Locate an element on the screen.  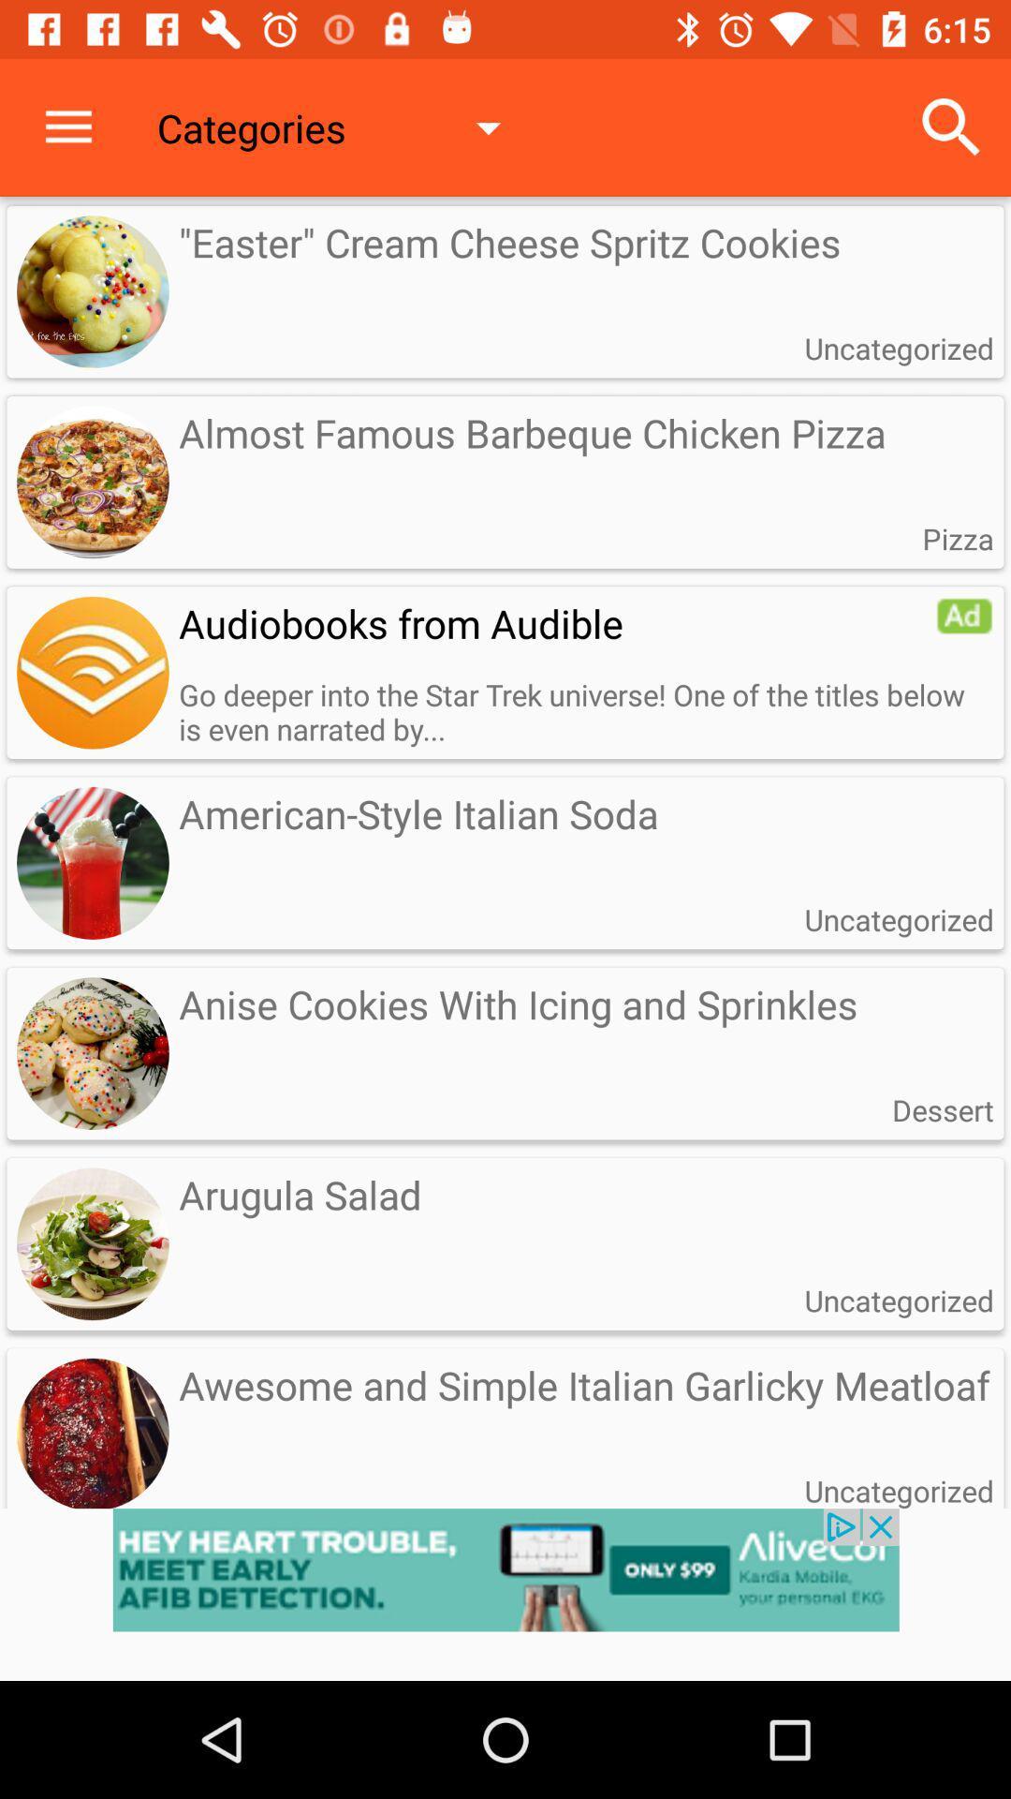
opens the advertisement is located at coordinates (505, 1594).